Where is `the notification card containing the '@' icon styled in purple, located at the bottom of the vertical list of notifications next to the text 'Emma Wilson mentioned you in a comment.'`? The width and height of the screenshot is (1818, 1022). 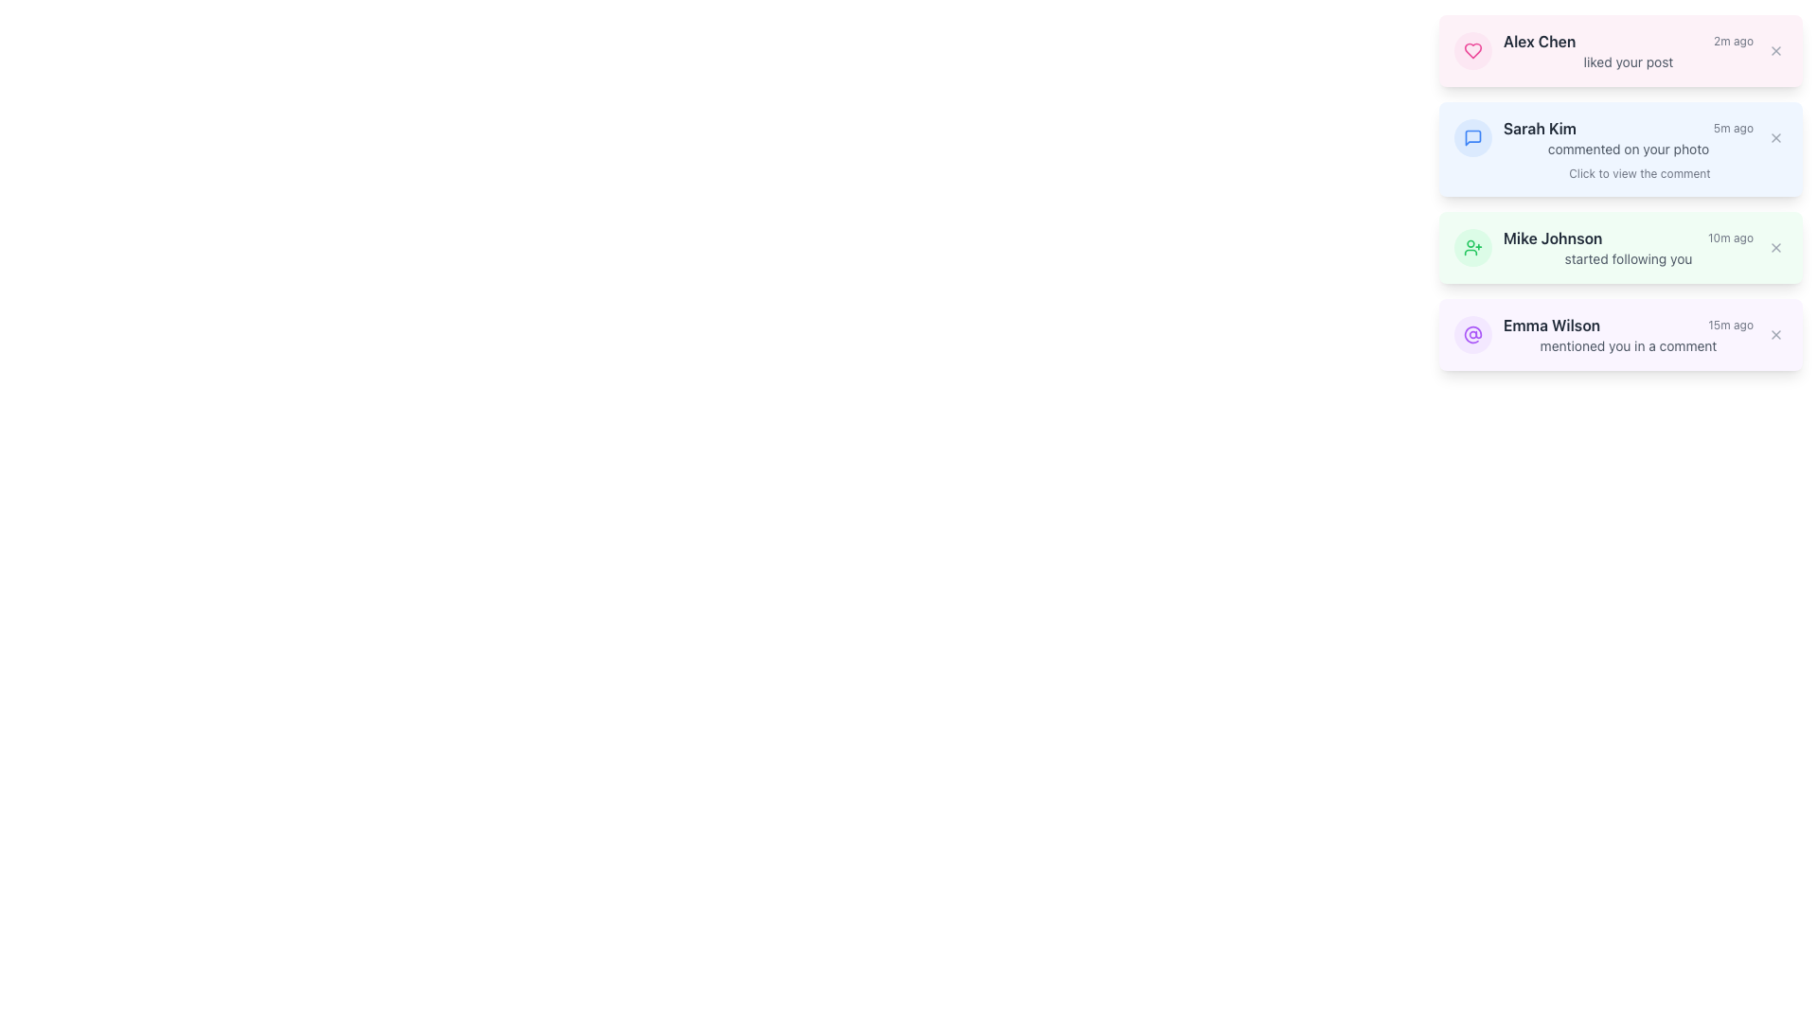
the notification card containing the '@' icon styled in purple, located at the bottom of the vertical list of notifications next to the text 'Emma Wilson mentioned you in a comment.' is located at coordinates (1471, 334).